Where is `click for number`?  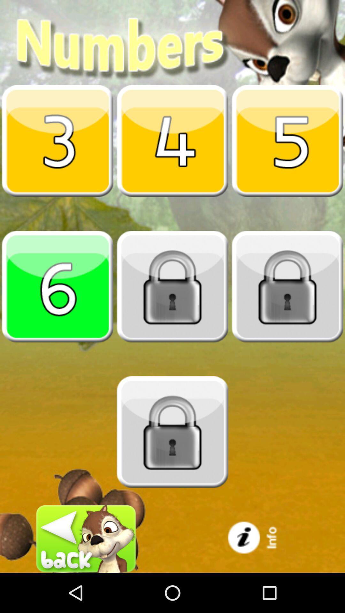
click for number is located at coordinates (57, 286).